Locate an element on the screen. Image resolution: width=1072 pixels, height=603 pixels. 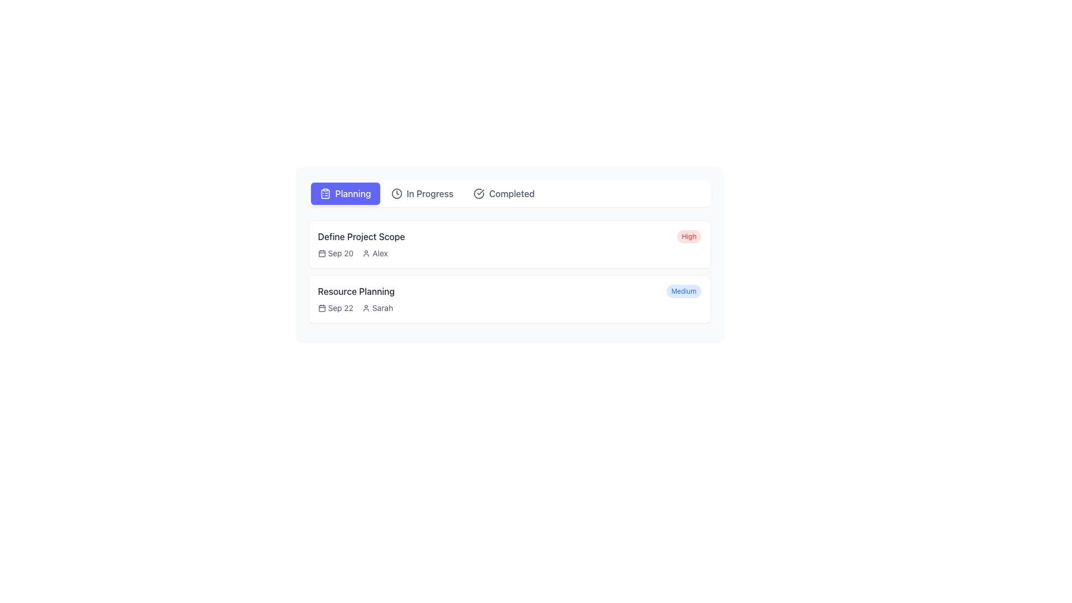
the 'Completed' button, which is the third button in a row of three options is located at coordinates (503, 193).